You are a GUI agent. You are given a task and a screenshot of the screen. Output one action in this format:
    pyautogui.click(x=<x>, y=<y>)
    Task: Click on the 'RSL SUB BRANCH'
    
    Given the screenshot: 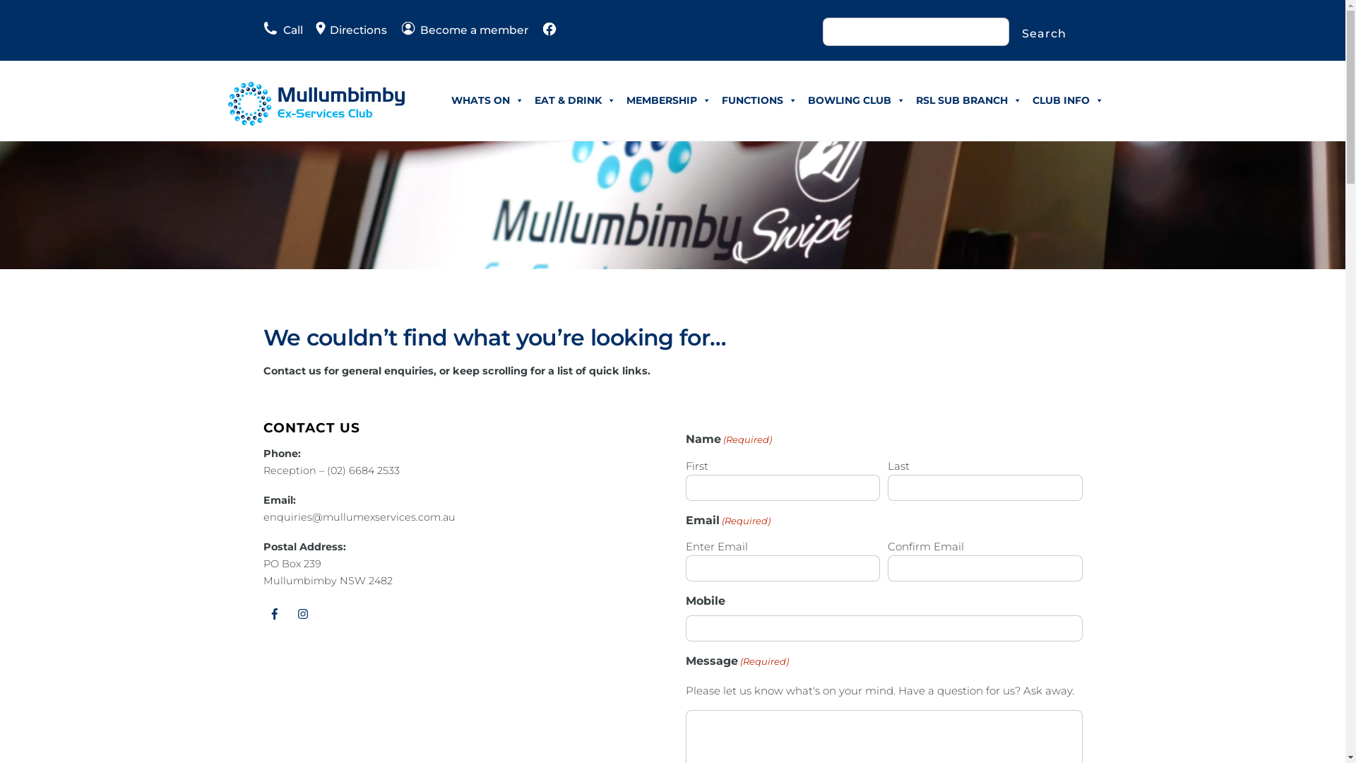 What is the action you would take?
    pyautogui.click(x=968, y=100)
    